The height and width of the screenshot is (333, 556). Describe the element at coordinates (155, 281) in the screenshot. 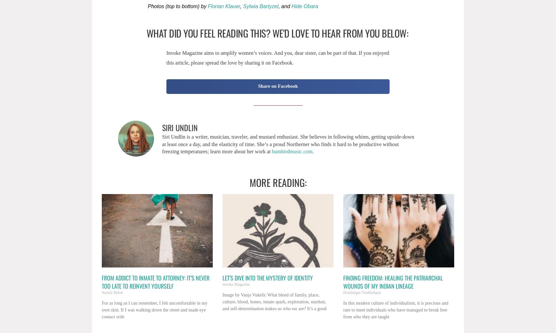

I see `'From Addict to Inmate to Attorney: It’s Never too Late to Reinvent Yourself'` at that location.